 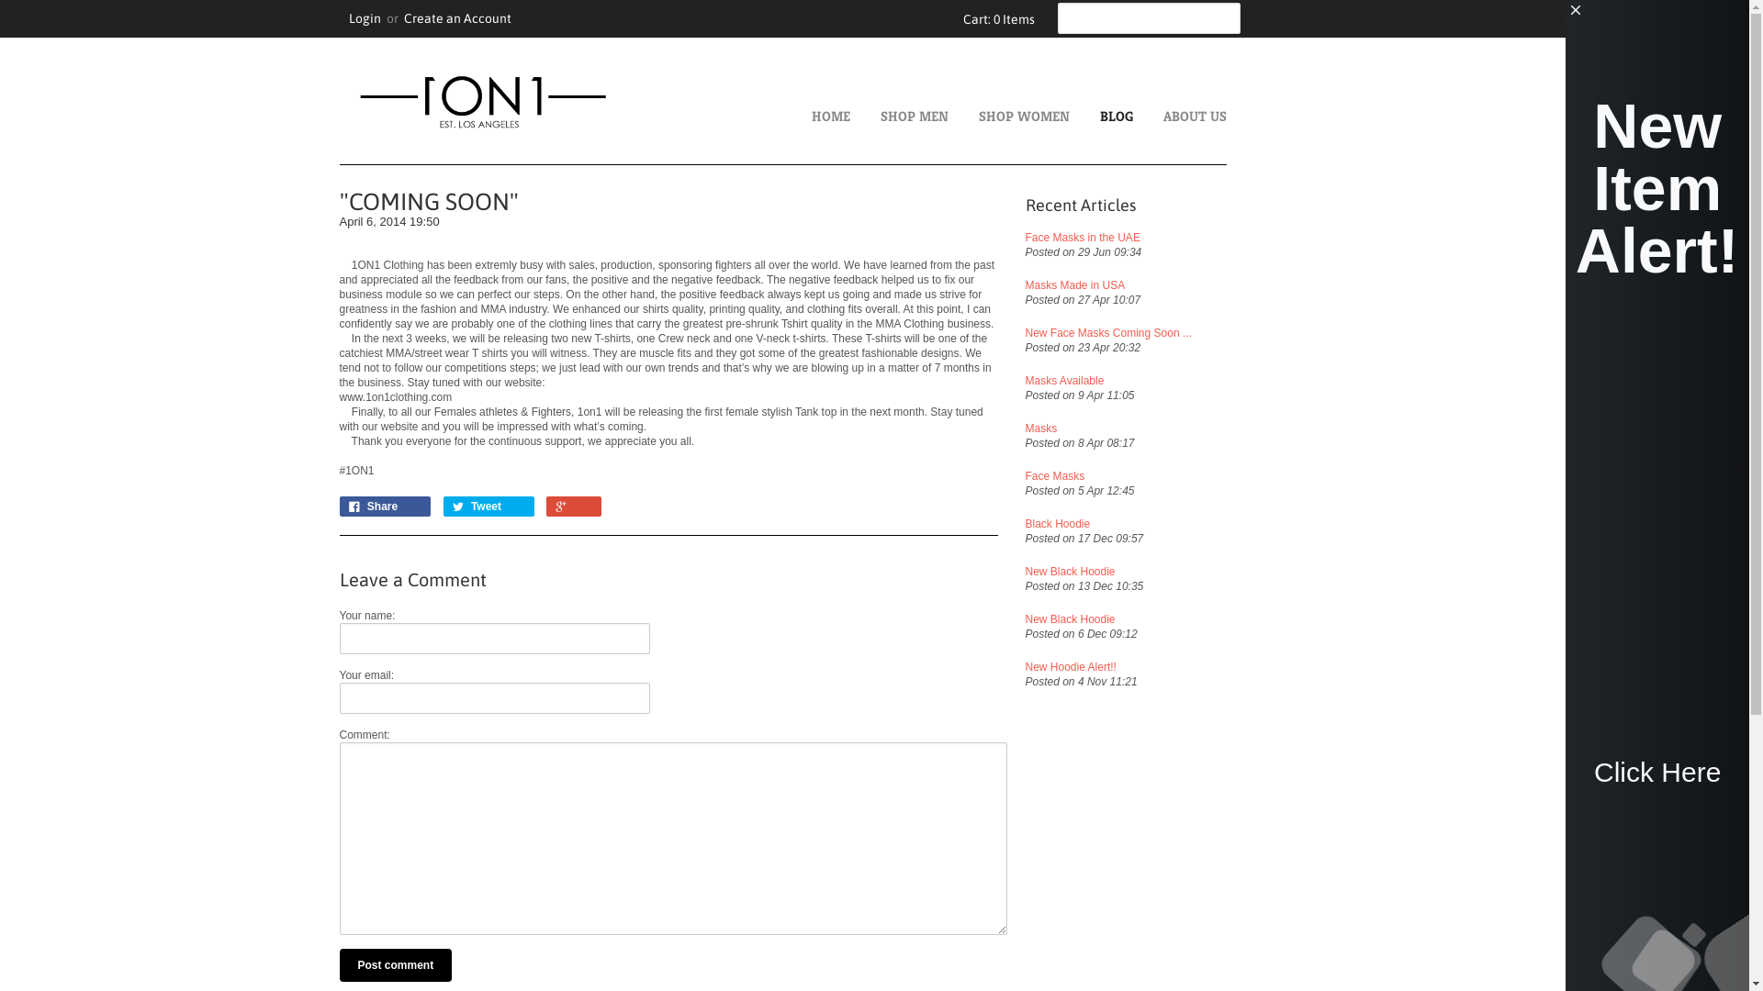 I want to click on 'BLOG', so click(x=1162, y=117).